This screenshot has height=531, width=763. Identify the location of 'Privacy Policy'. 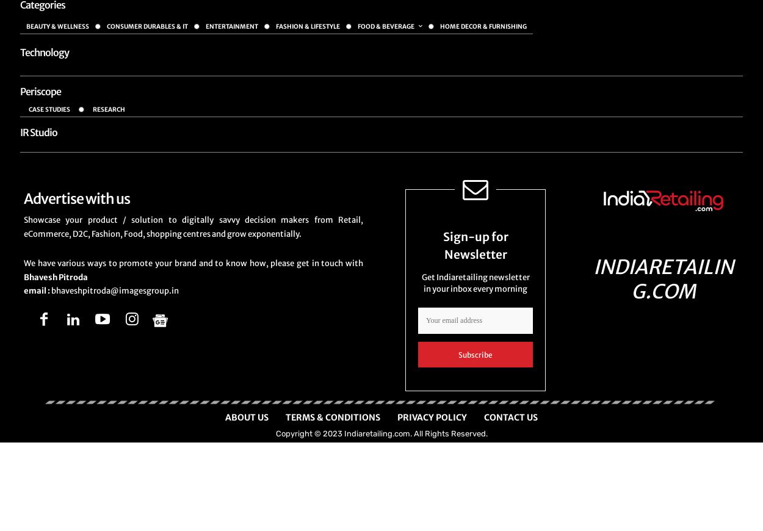
(432, 417).